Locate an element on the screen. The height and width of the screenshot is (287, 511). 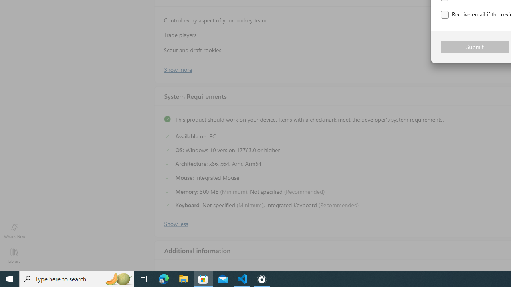
'Library' is located at coordinates (14, 255).